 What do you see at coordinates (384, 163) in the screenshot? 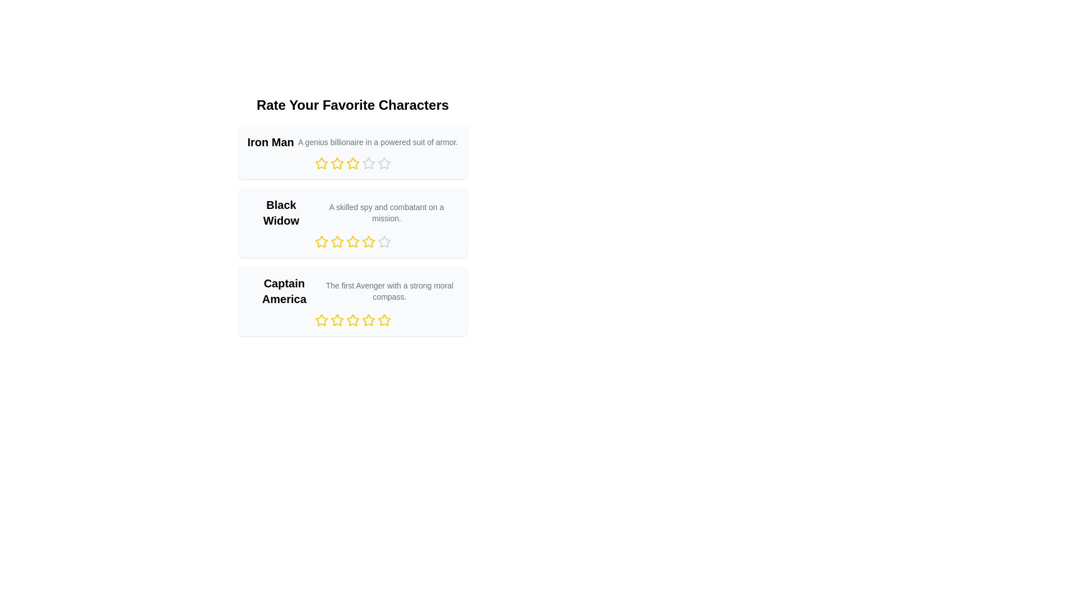
I see `the fourth star icon in the rating system for 'Iron Man'` at bounding box center [384, 163].